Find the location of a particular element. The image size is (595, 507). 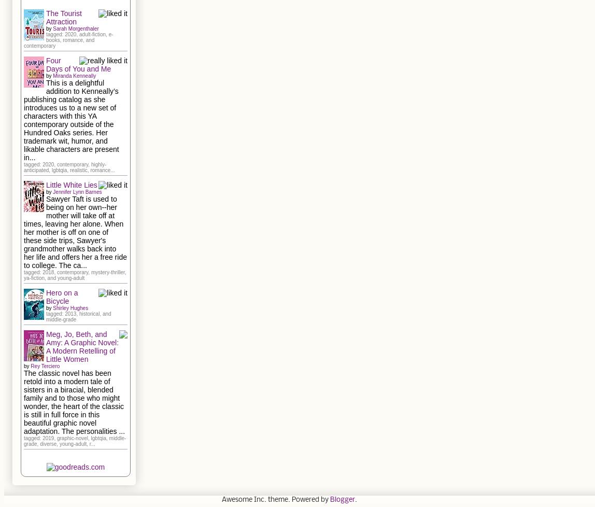

'Four Days of You and Me' is located at coordinates (78, 64).